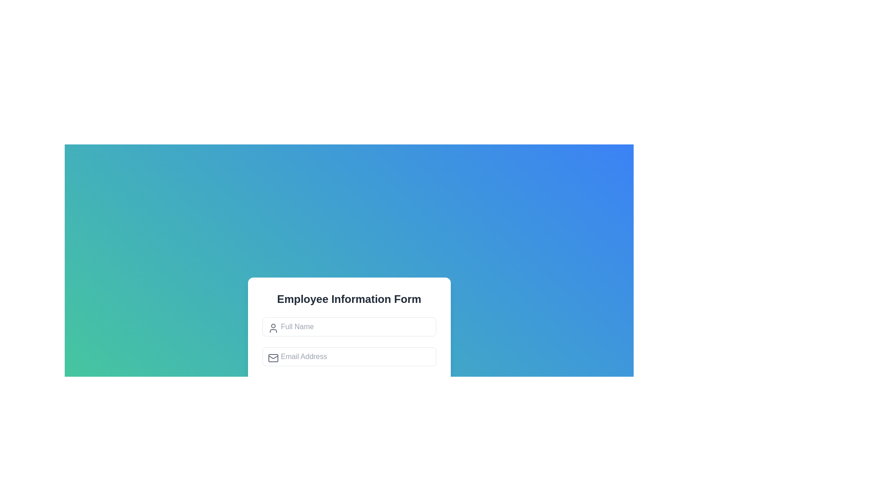  Describe the element at coordinates (272, 357) in the screenshot. I see `the mail icon, which is a gray SVG graphic resembling an envelope, positioned to the left and above the 'Email Address' text field` at that location.